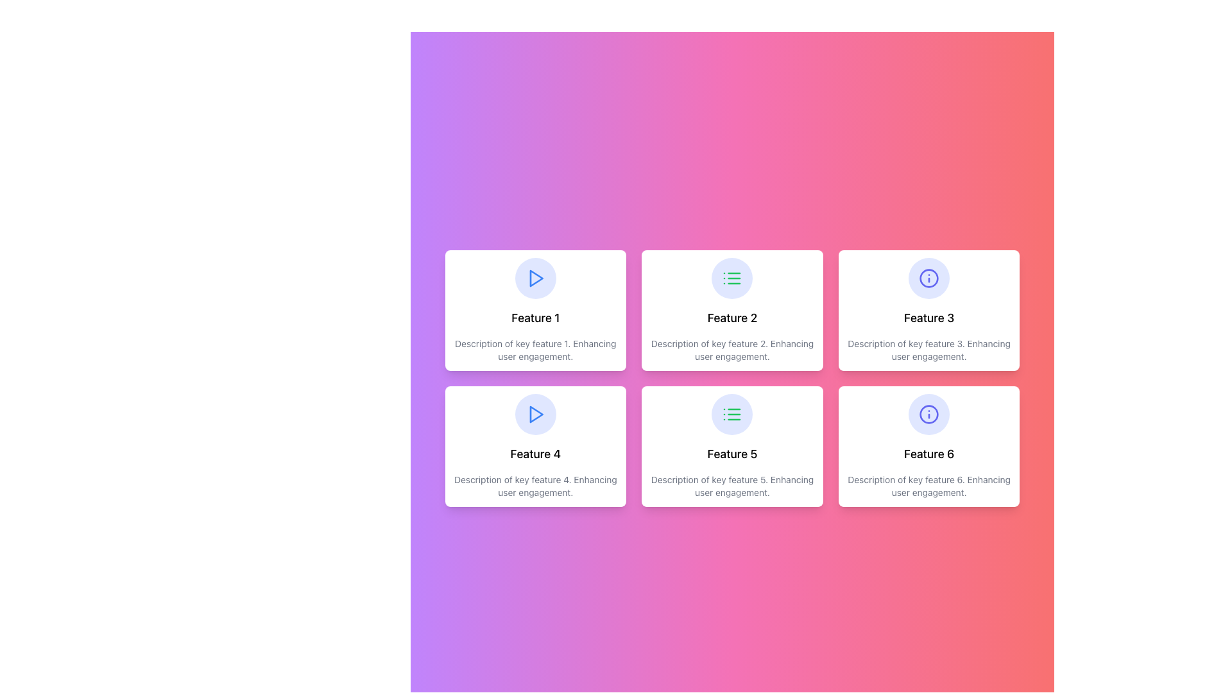  I want to click on the Informational Icon, which is a circle with an 'i' symbol in indigo, located at the top-center of the card labeled 'Feature 3', so click(929, 414).